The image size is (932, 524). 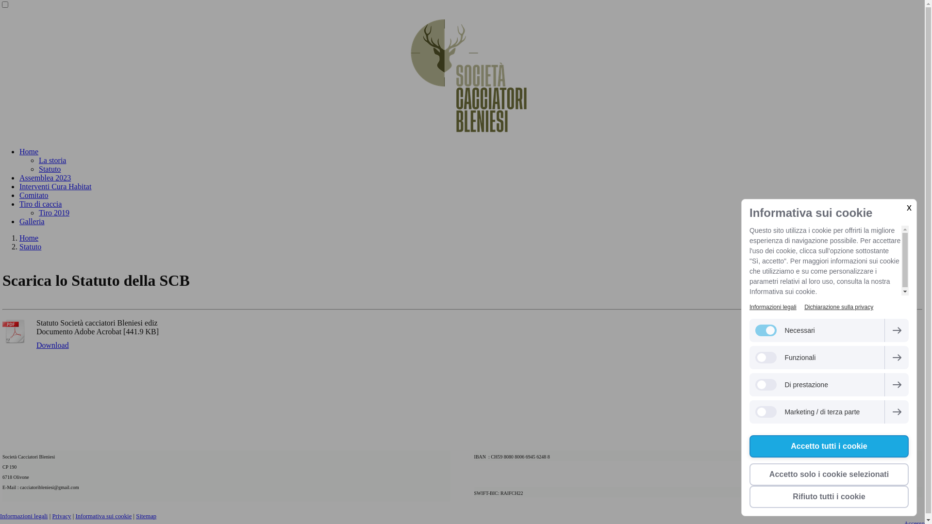 What do you see at coordinates (29, 238) in the screenshot?
I see `'Home'` at bounding box center [29, 238].